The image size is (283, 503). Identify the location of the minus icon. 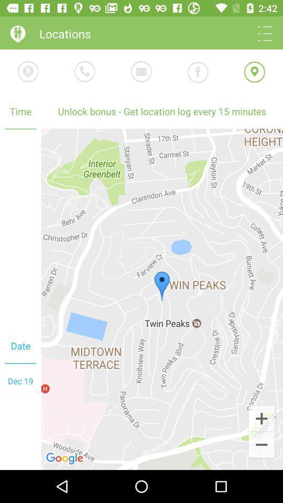
(261, 445).